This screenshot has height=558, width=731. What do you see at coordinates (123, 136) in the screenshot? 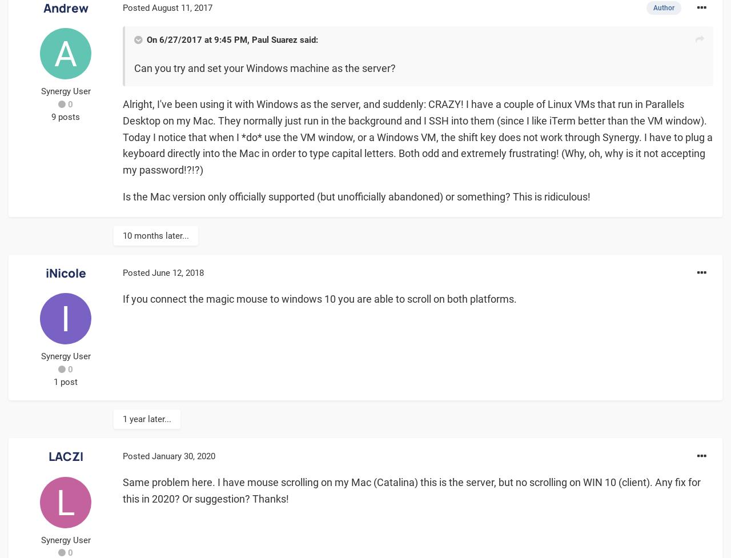
I see `'Alright, I've been using it with Windows as the server, and suddenly: CRAZY! I have a couple of Linux VMs that run in Parallels Desktop on my Mac. They normally just run in the background and I SSH into them (since I like iTerm better than the VM window). Today I notice that when I *do* use the VM window, or a Windows VM, the shift key does not work through Synergy. I have to plug a keyboard directly into the Mac in order to type capital letters. Both odd and extremely frustrating! (Why, oh, why is it not accepting my password!?!?)'` at bounding box center [123, 136].